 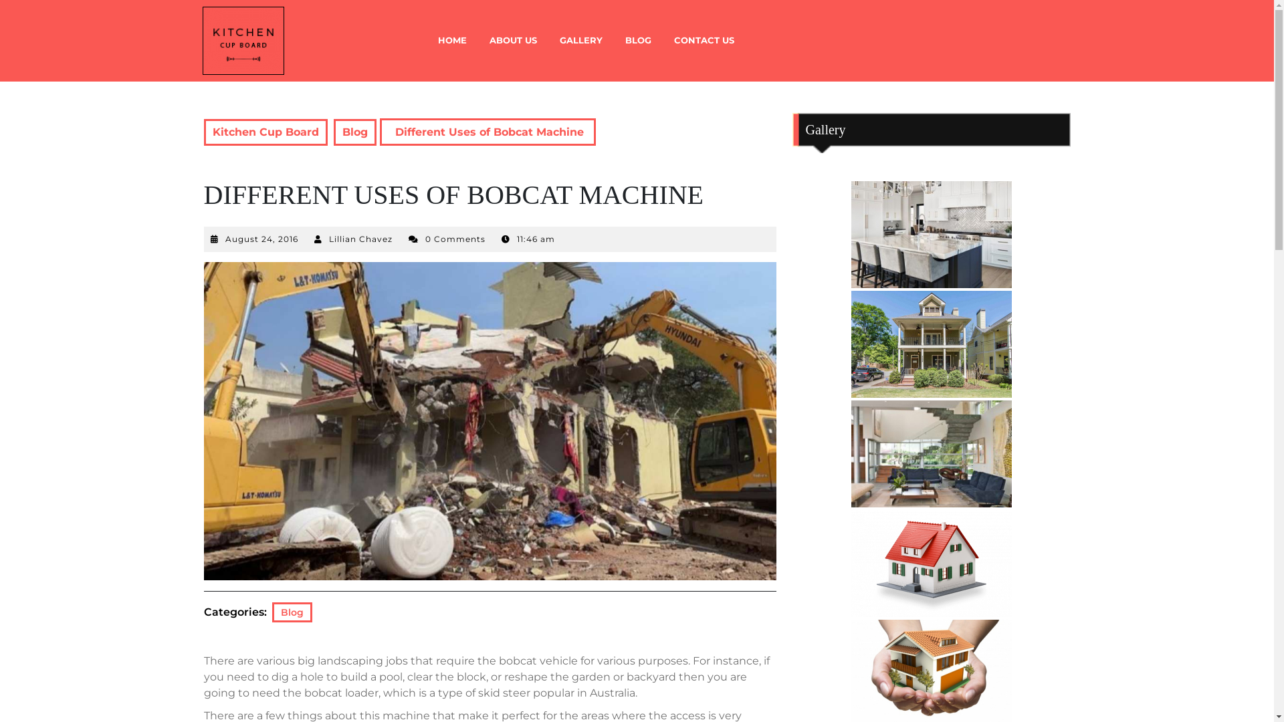 What do you see at coordinates (580, 40) in the screenshot?
I see `'GALLERY'` at bounding box center [580, 40].